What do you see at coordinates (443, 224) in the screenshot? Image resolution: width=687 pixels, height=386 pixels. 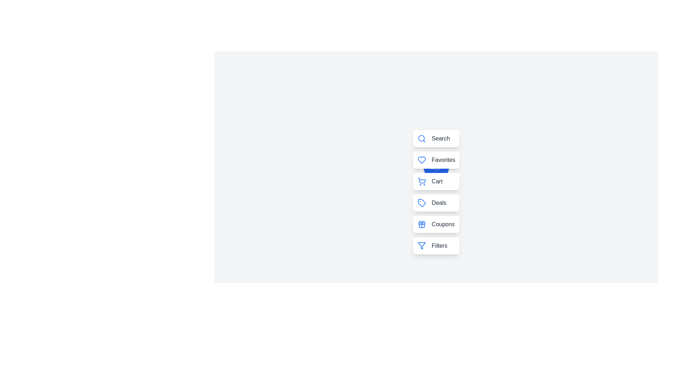 I see `text label that reads 'Coupons', which is the fifth item in a vertically stacked list of menu items with a rounded white background` at bounding box center [443, 224].